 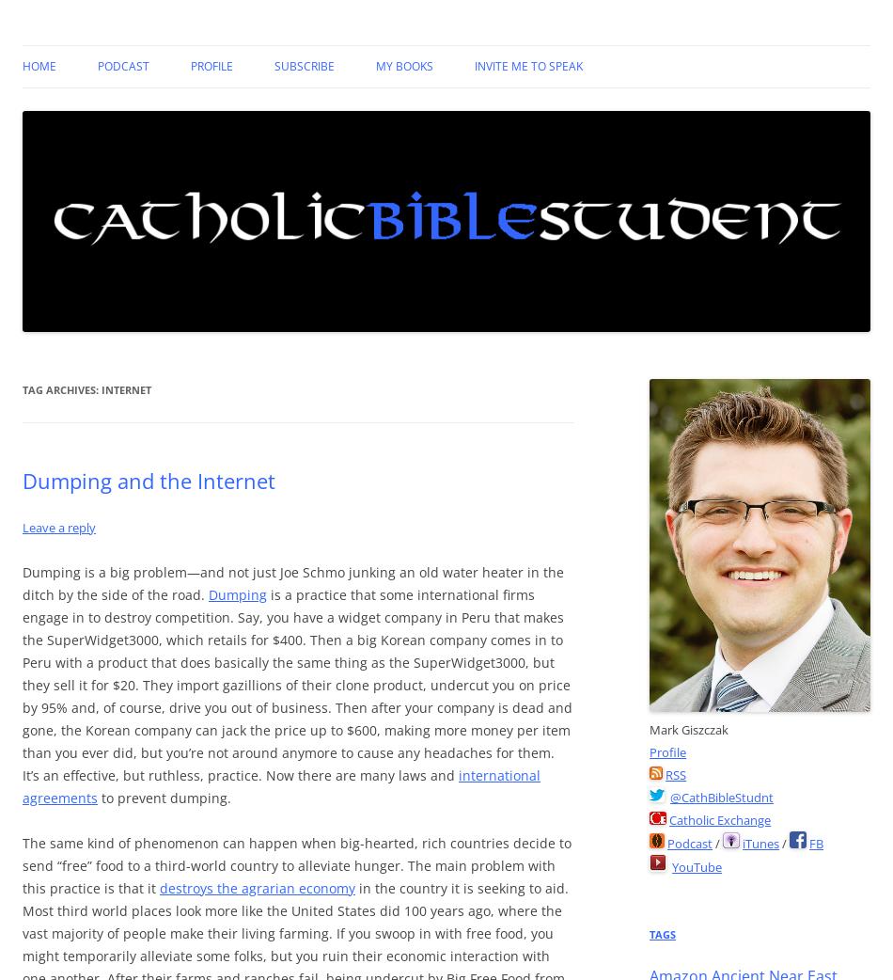 What do you see at coordinates (662, 933) in the screenshot?
I see `'Tags'` at bounding box center [662, 933].